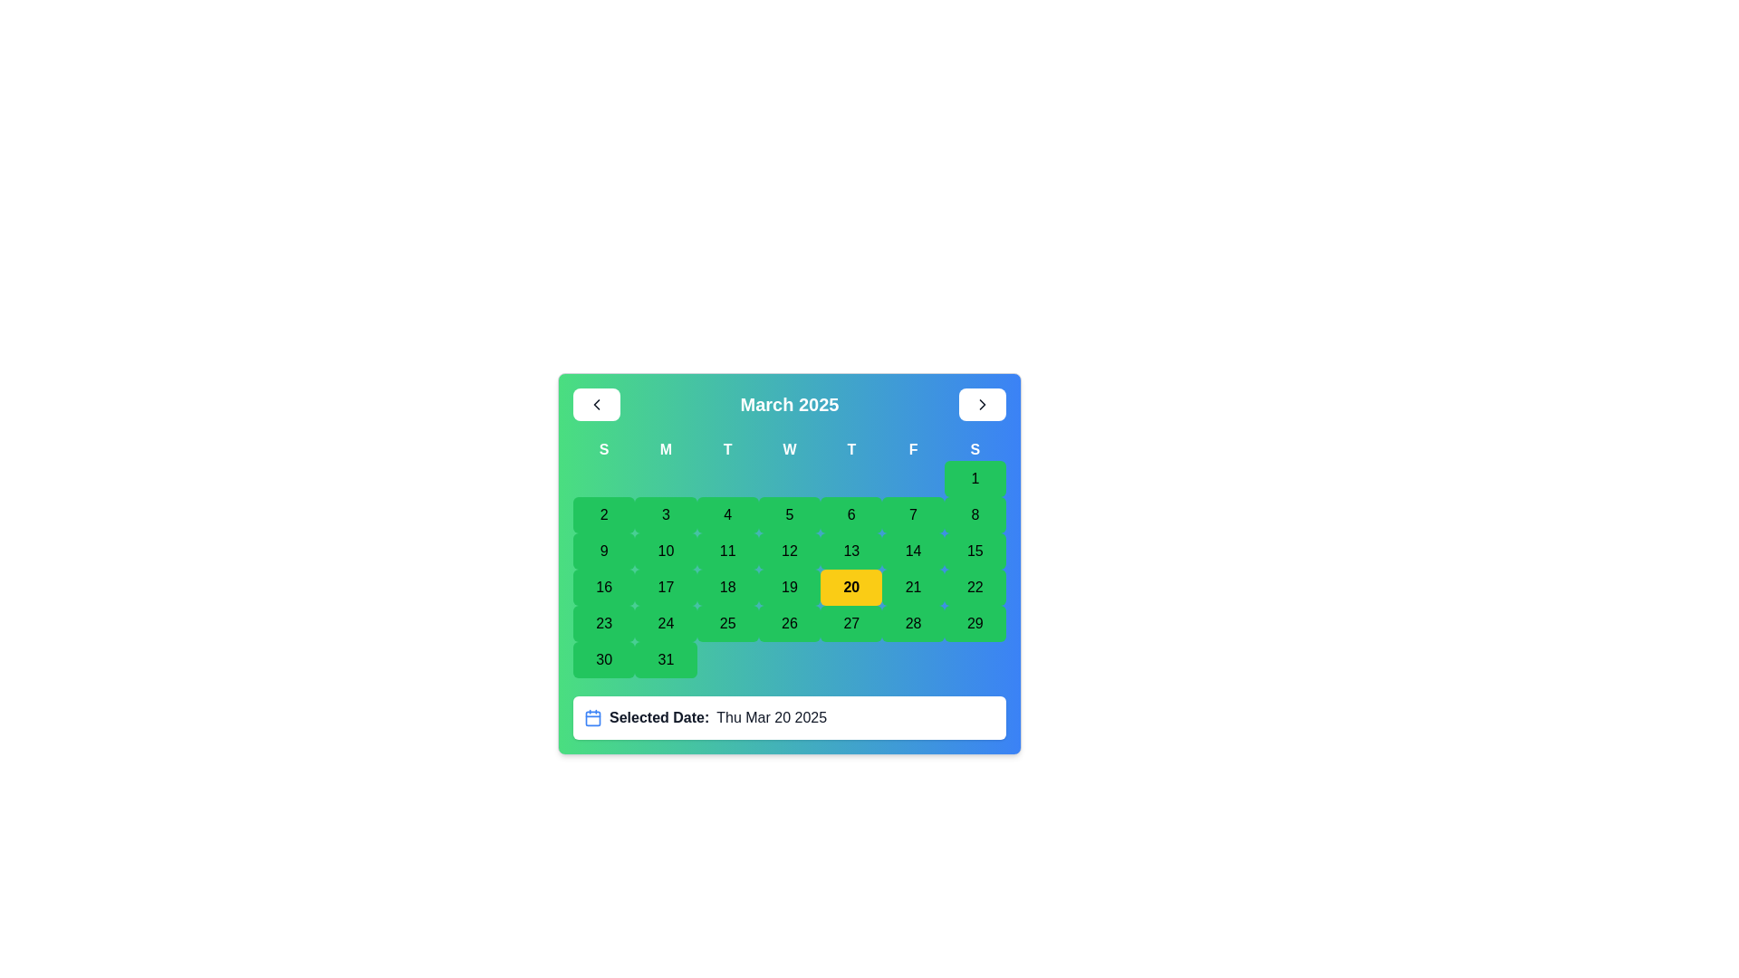 Image resolution: width=1739 pixels, height=978 pixels. Describe the element at coordinates (790, 551) in the screenshot. I see `the button labeled '12' with a green background for keyboard interaction, located in the fourth row and fifth column of the grid layout` at that location.